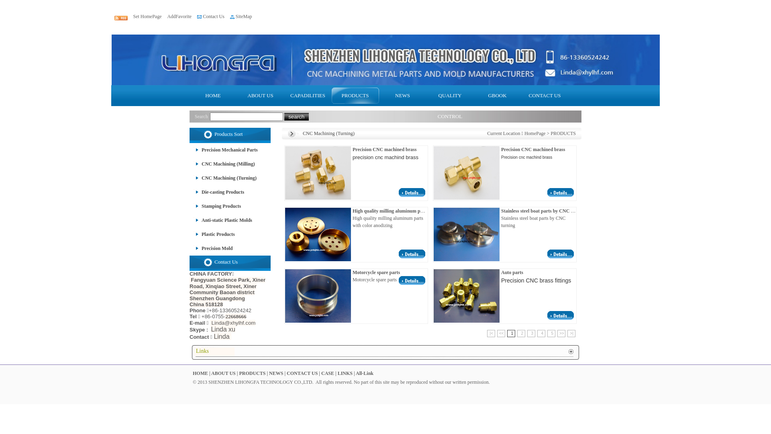 The width and height of the screenshot is (771, 434). I want to click on 'CASE', so click(328, 373).